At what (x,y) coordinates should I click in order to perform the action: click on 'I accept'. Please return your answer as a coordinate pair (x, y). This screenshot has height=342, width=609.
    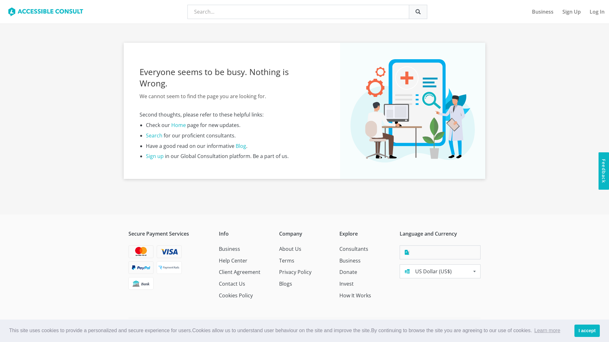
    Looking at the image, I should click on (587, 330).